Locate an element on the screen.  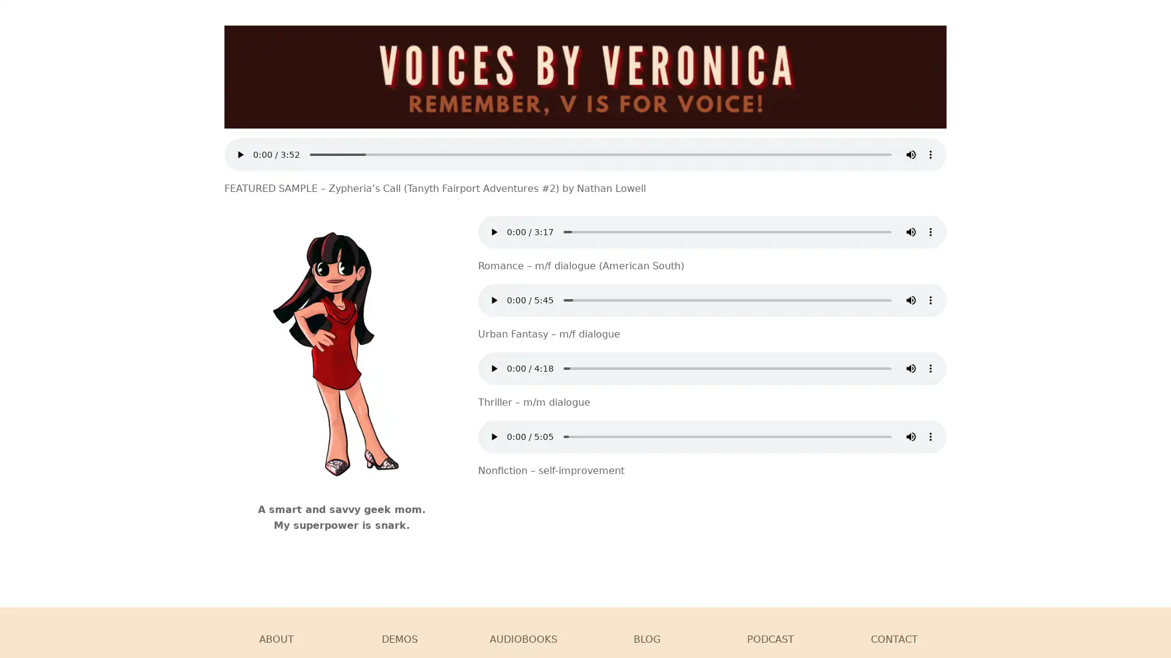
play is located at coordinates (240, 154).